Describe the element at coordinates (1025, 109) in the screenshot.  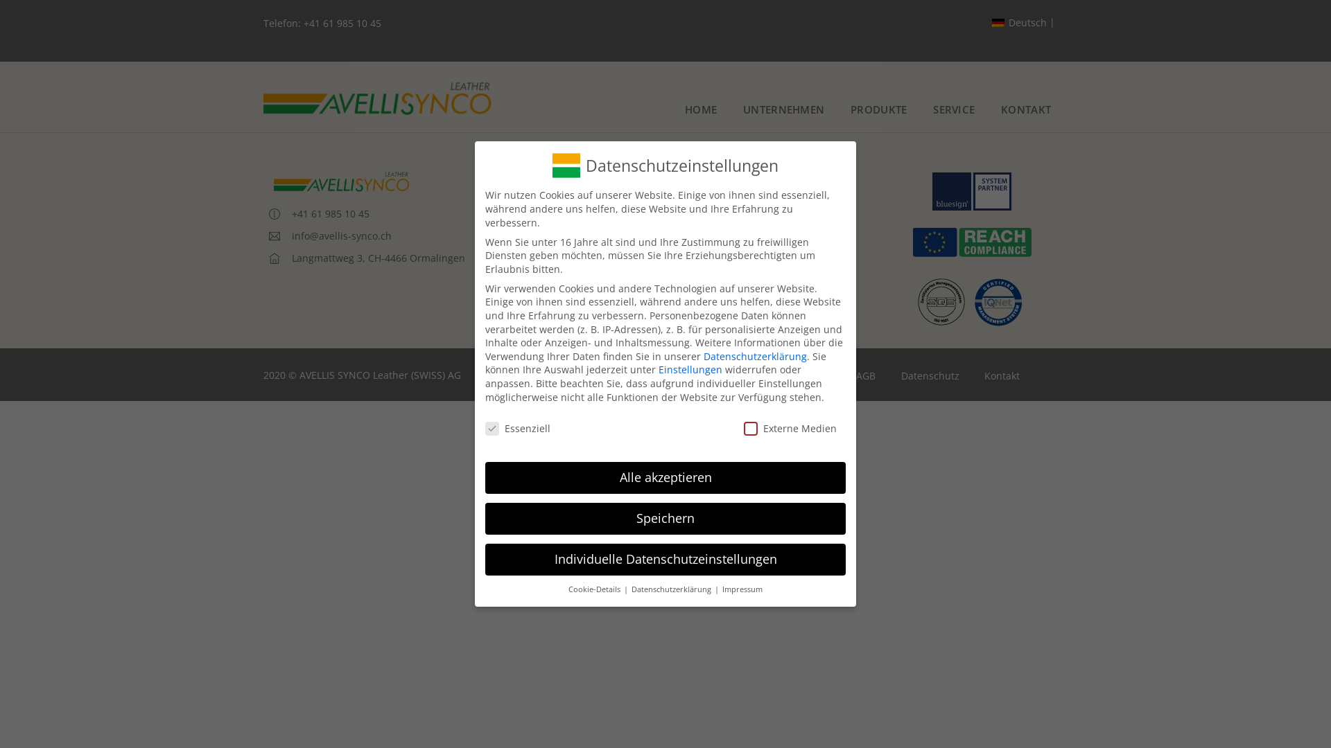
I see `'KONTAKT'` at that location.